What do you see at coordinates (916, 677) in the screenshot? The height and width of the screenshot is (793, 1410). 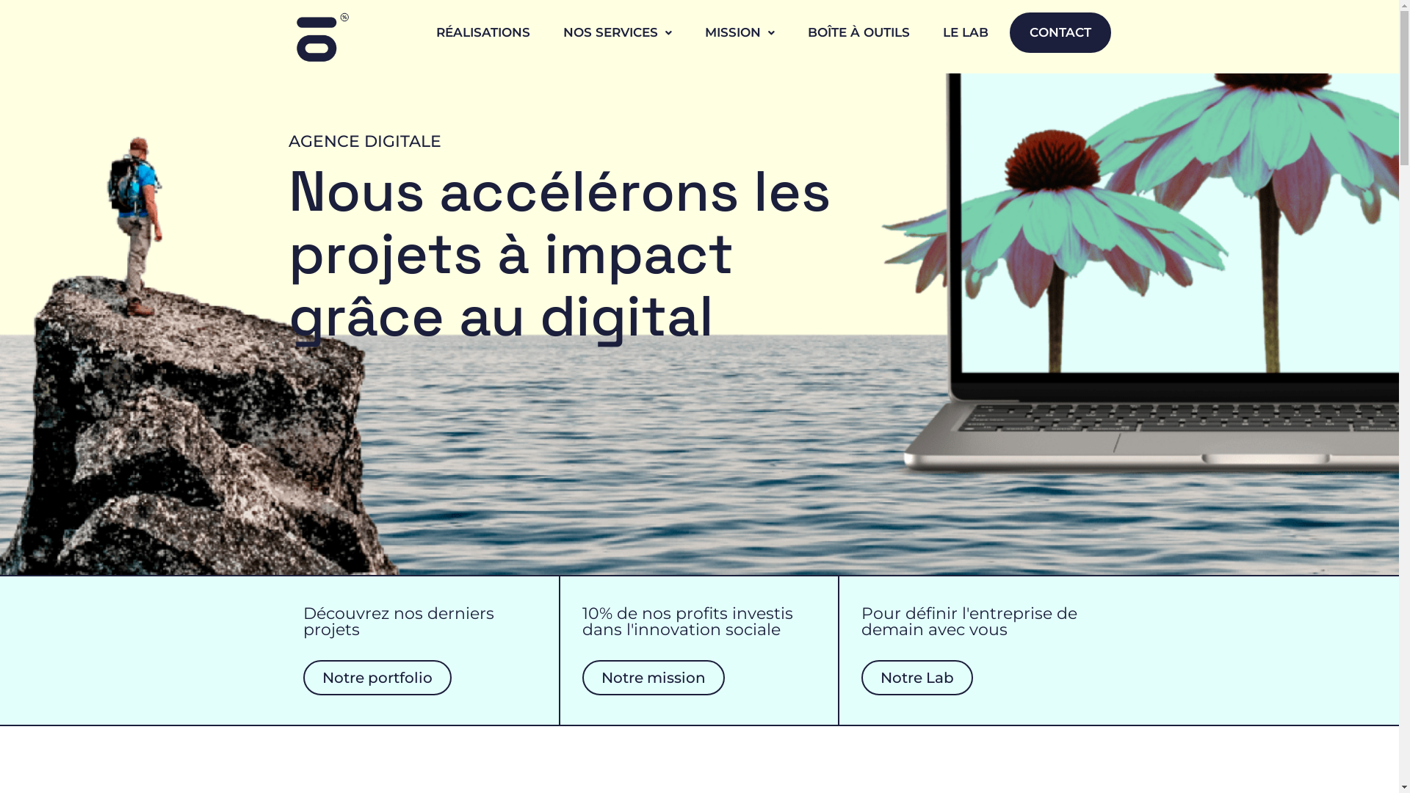 I see `'Notre Lab'` at bounding box center [916, 677].